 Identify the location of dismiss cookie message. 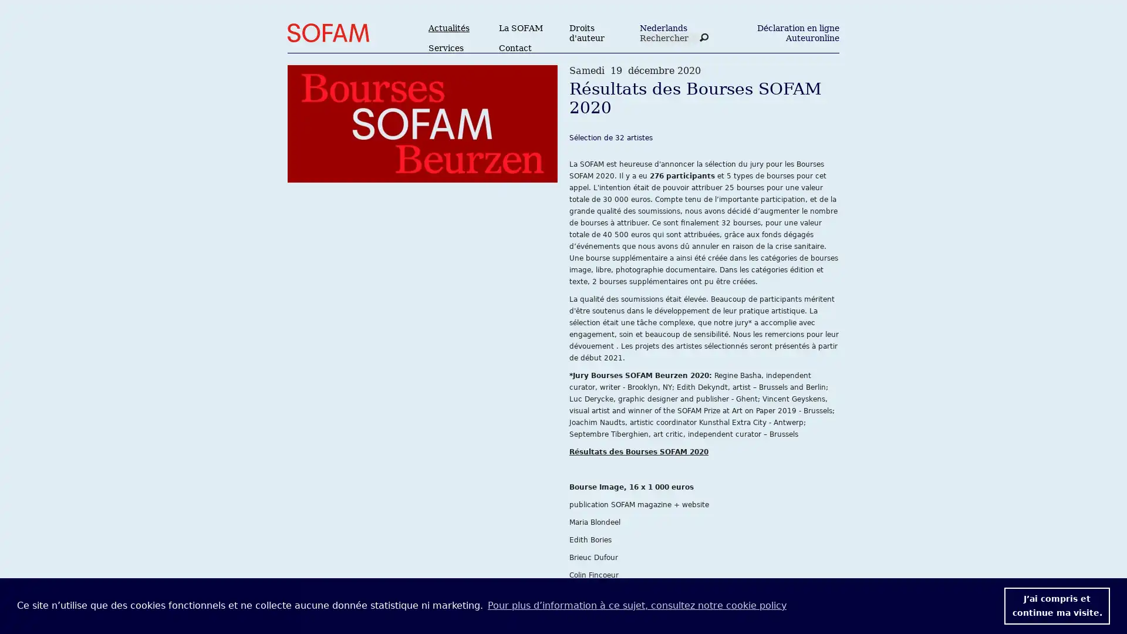
(1057, 606).